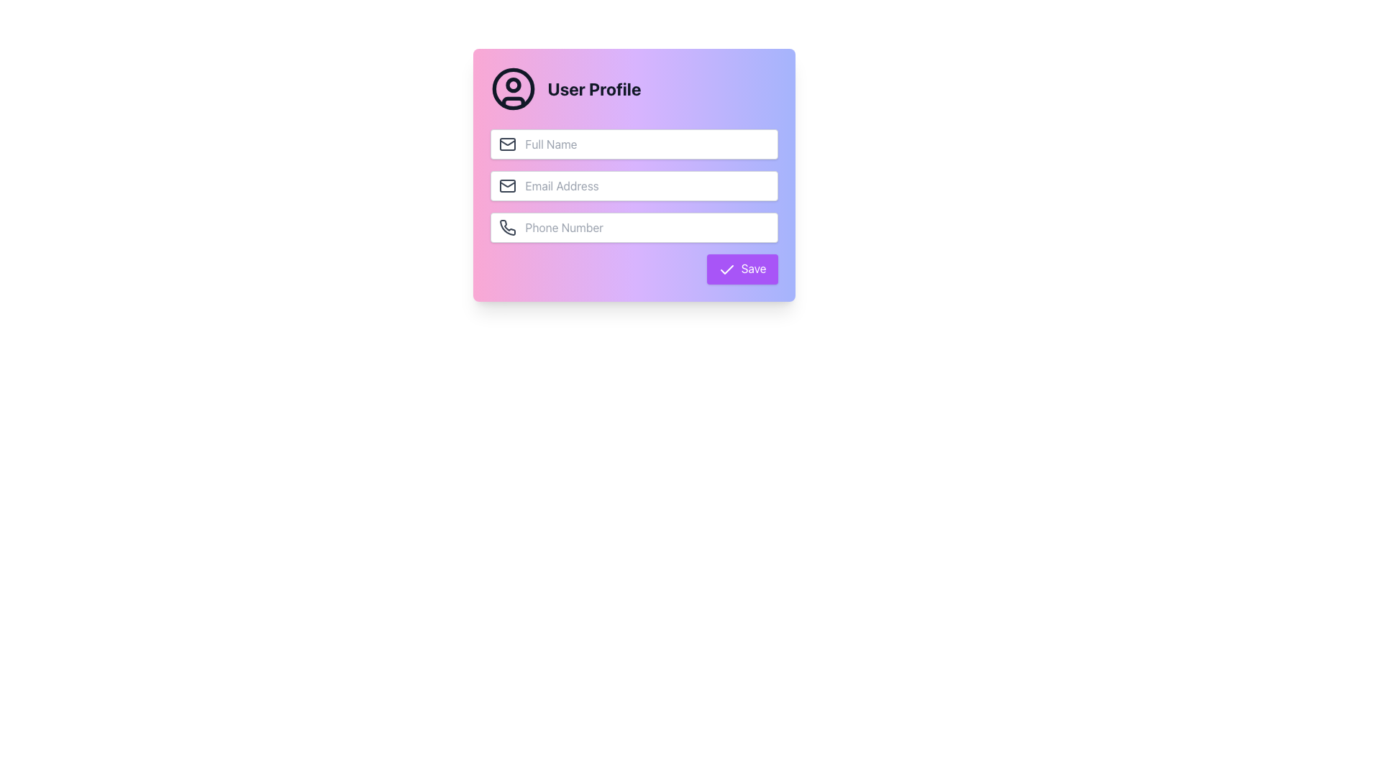 The width and height of the screenshot is (1381, 776). I want to click on the decorative envelope icon positioned to the left of the 'Email Address' input field, so click(507, 185).